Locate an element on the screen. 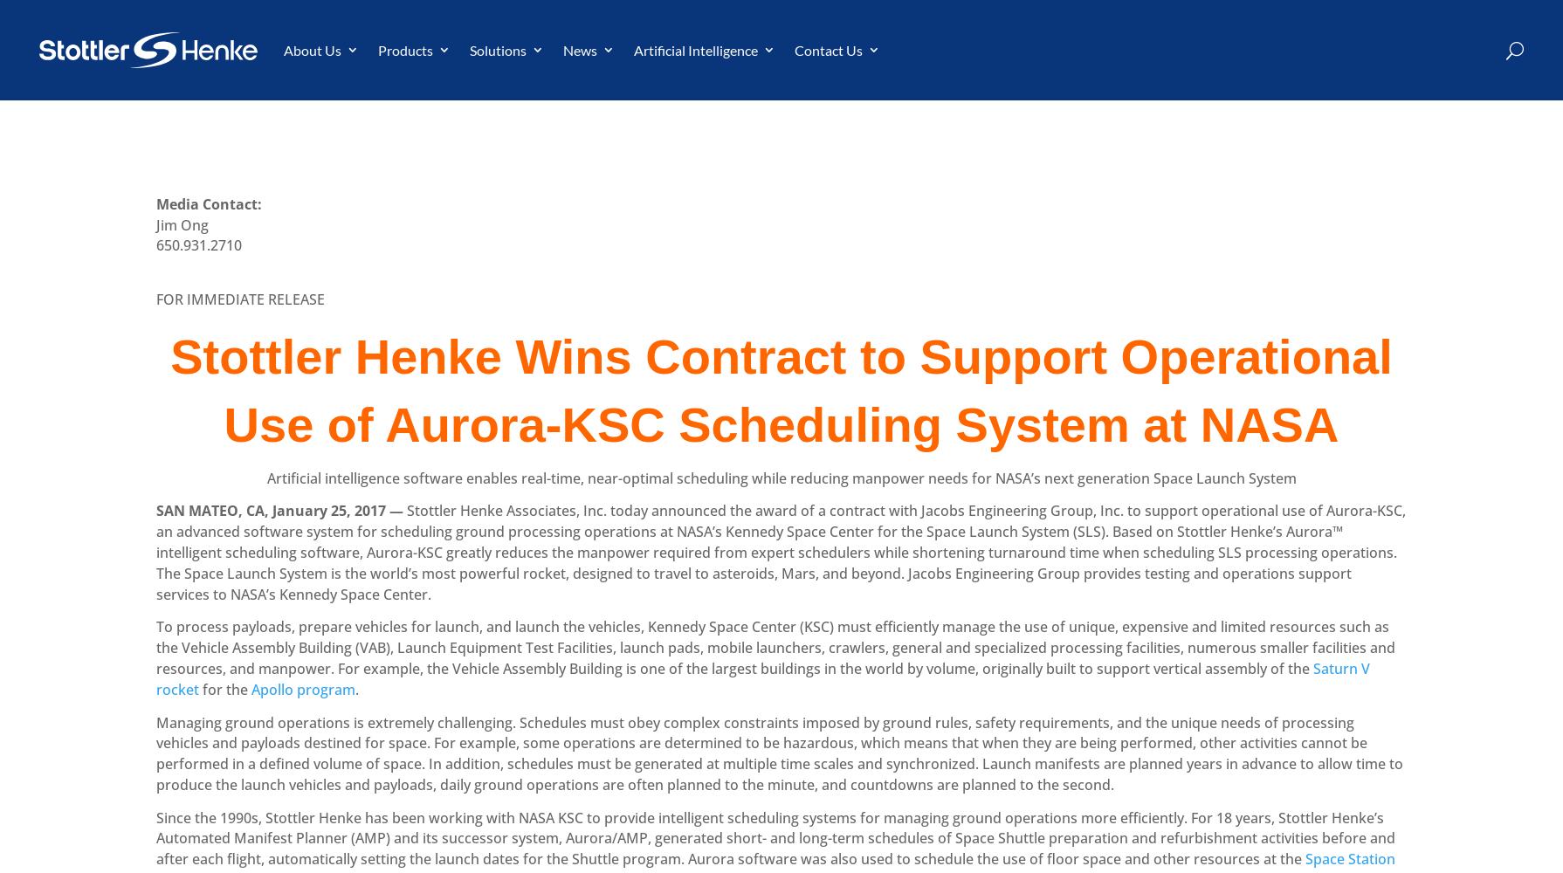  'Aurora-CCPM' is located at coordinates (445, 142).